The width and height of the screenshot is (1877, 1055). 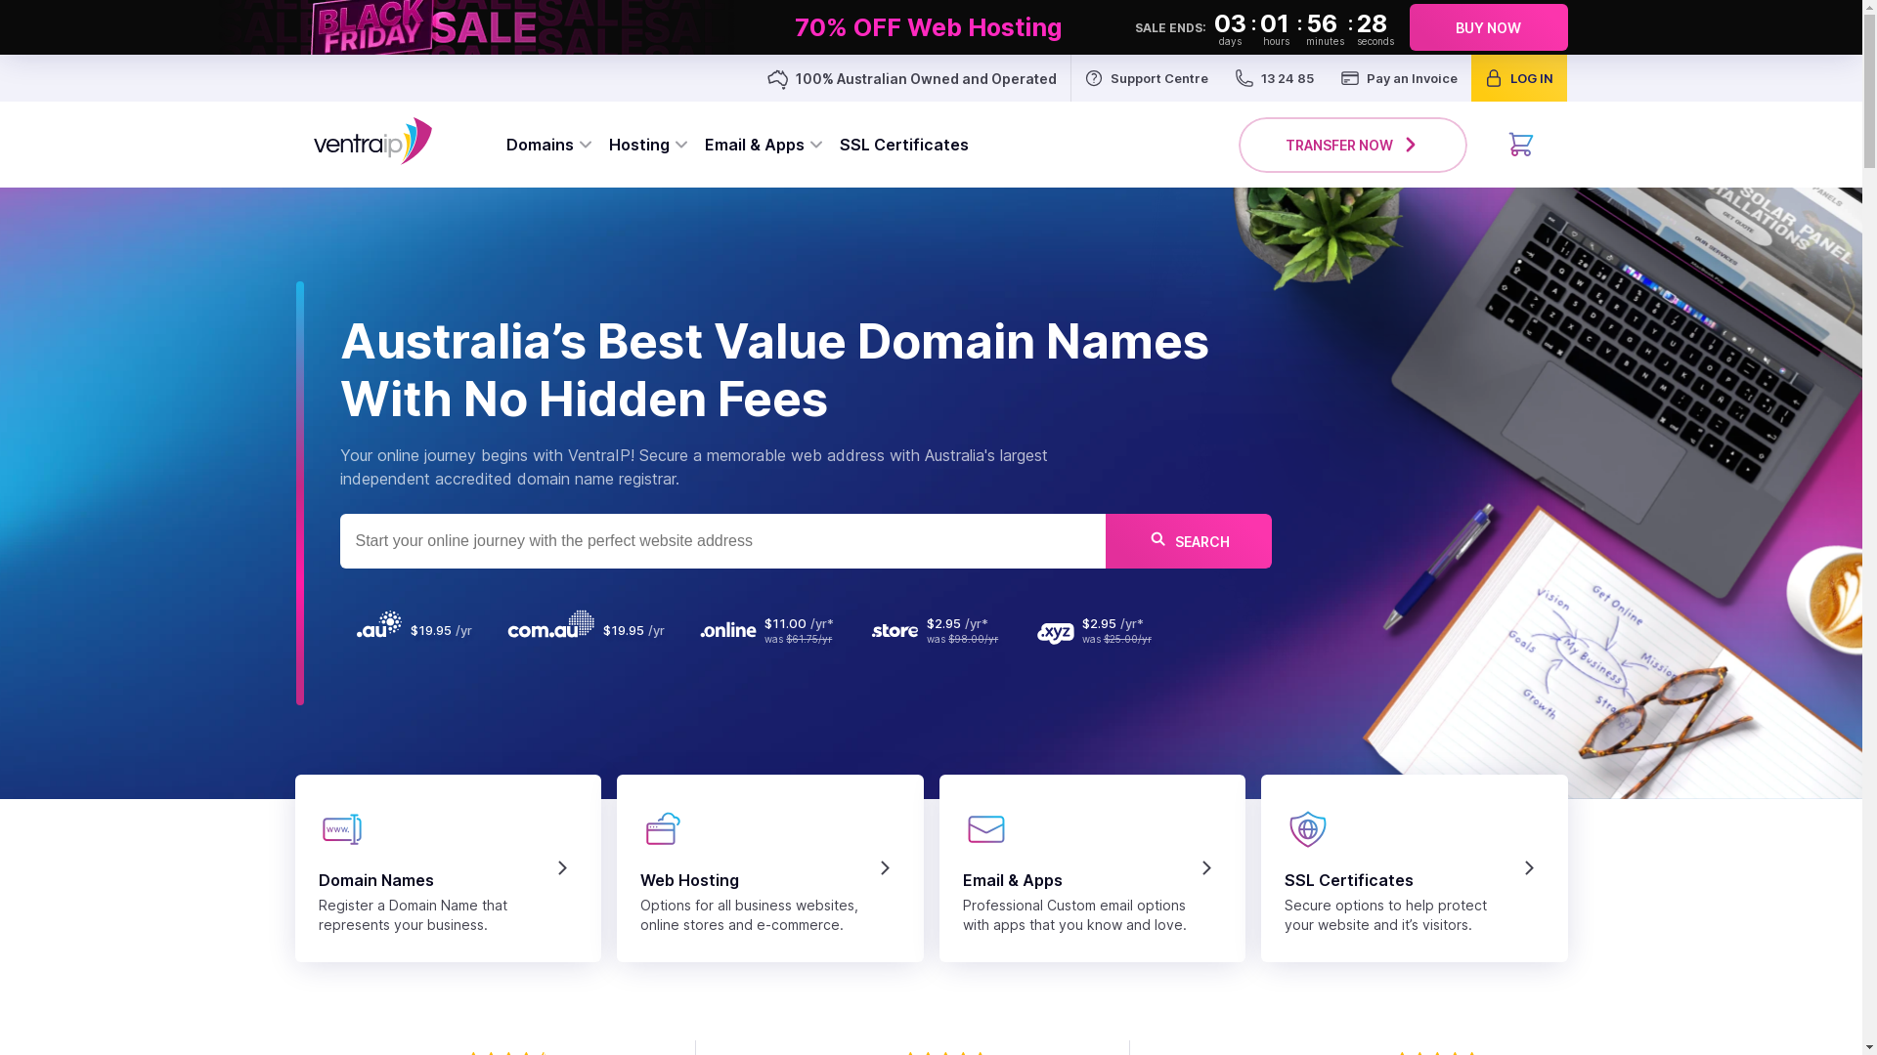 I want to click on 'emailapps', so click(x=985, y=828).